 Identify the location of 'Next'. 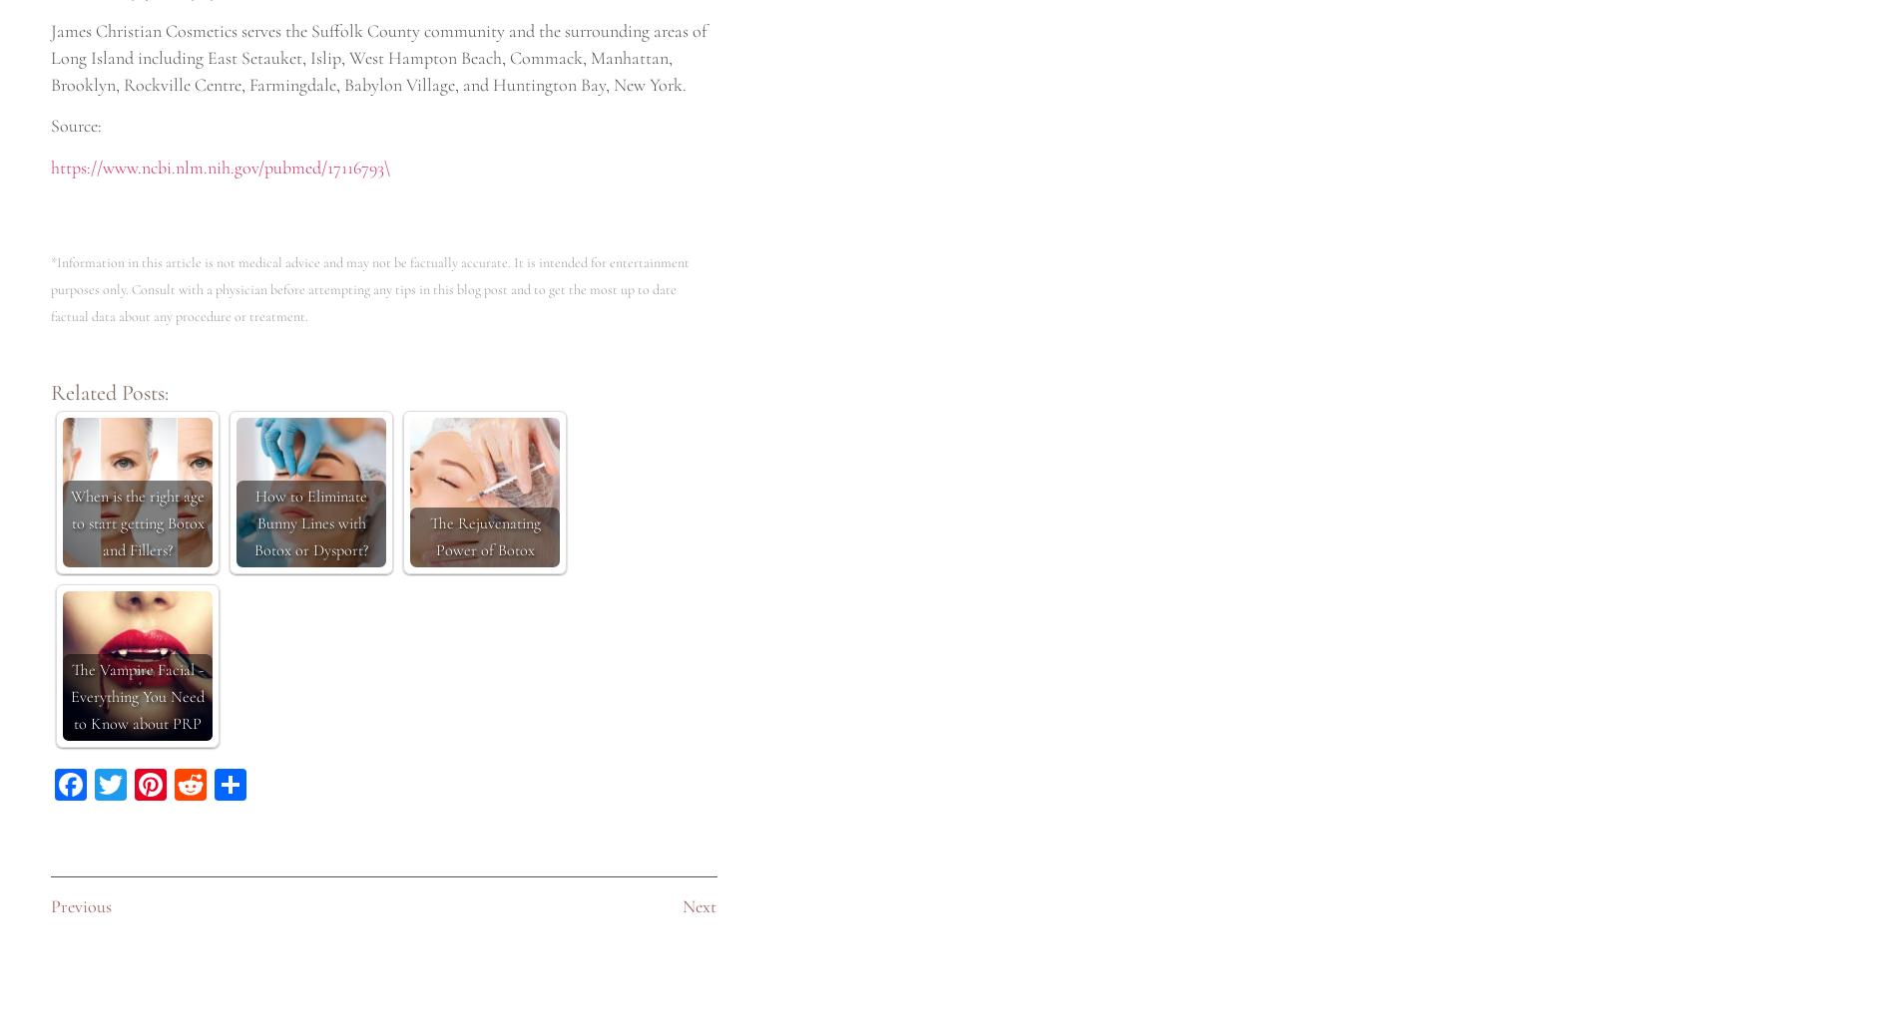
(698, 905).